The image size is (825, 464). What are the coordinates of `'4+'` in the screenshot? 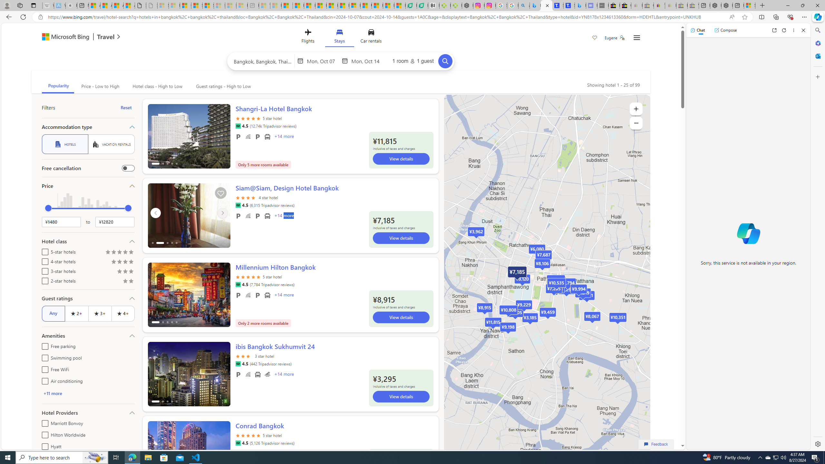 It's located at (122, 313).